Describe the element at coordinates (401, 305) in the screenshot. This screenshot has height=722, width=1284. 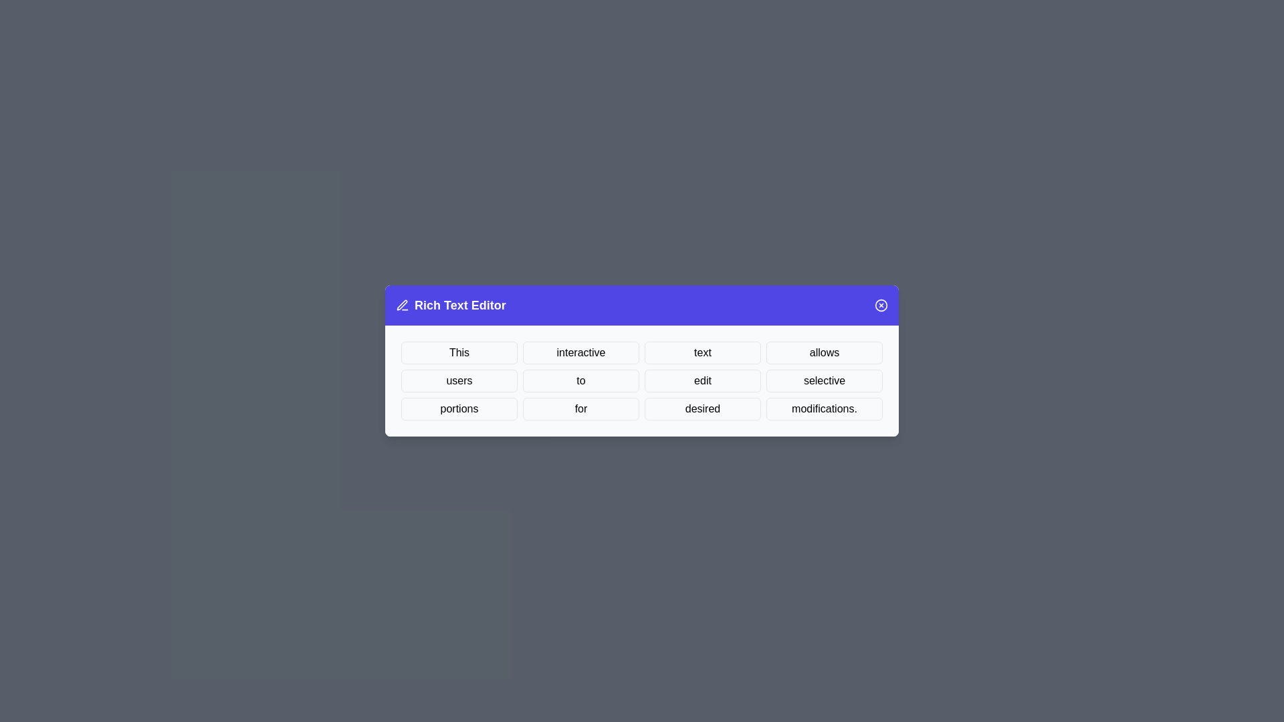
I see `the edit icon in the dialog header` at that location.